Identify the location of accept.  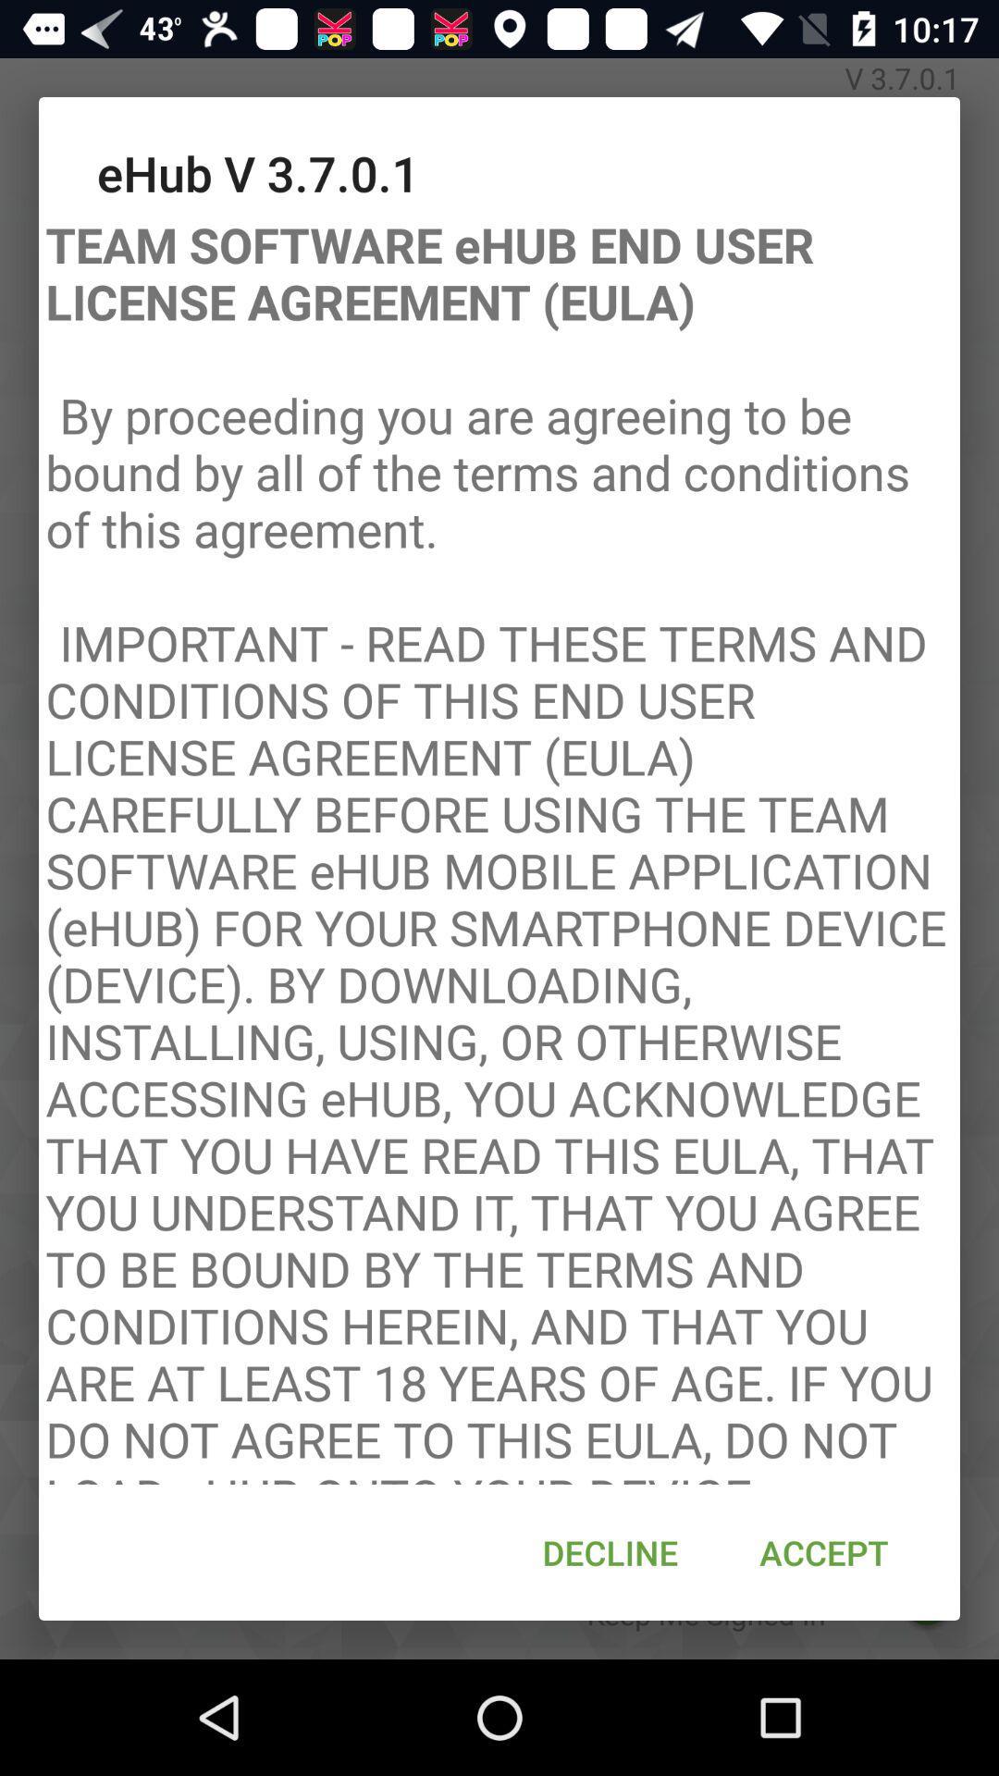
(823, 1552).